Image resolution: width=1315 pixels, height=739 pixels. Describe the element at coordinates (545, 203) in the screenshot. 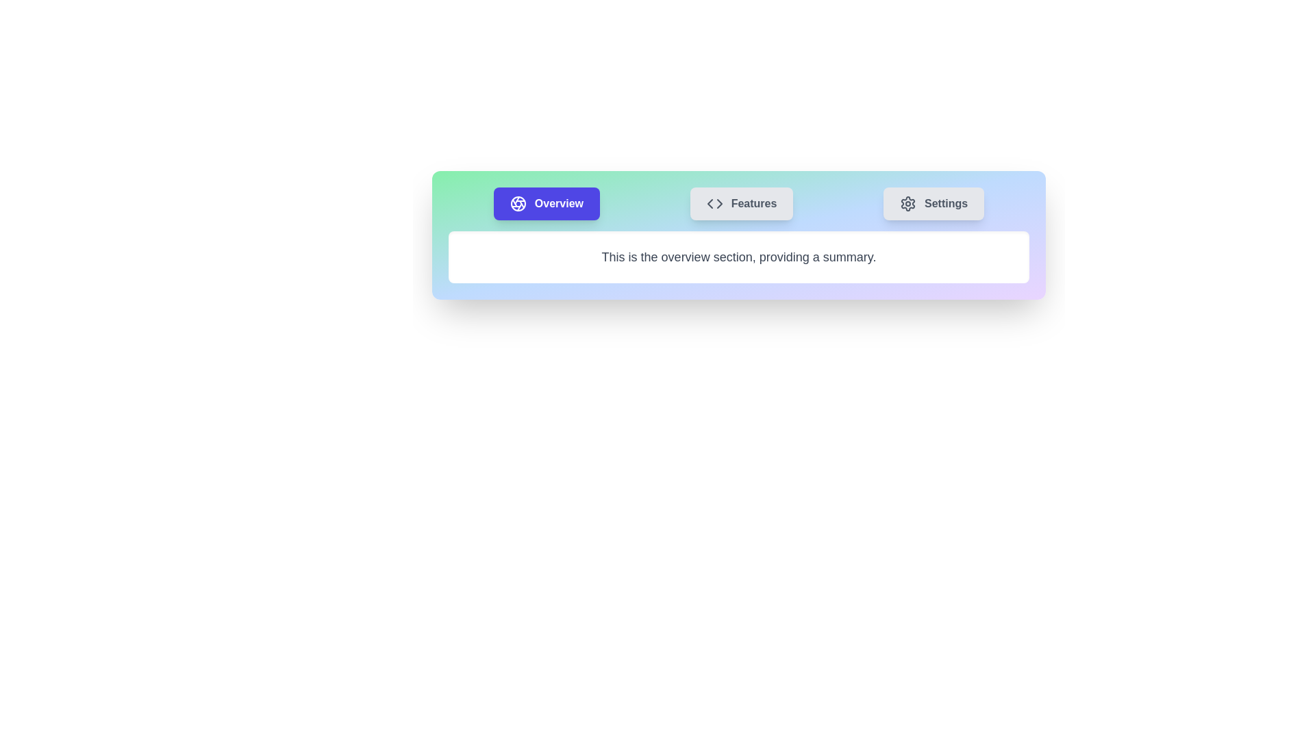

I see `the tab labeled Overview to view its content` at that location.